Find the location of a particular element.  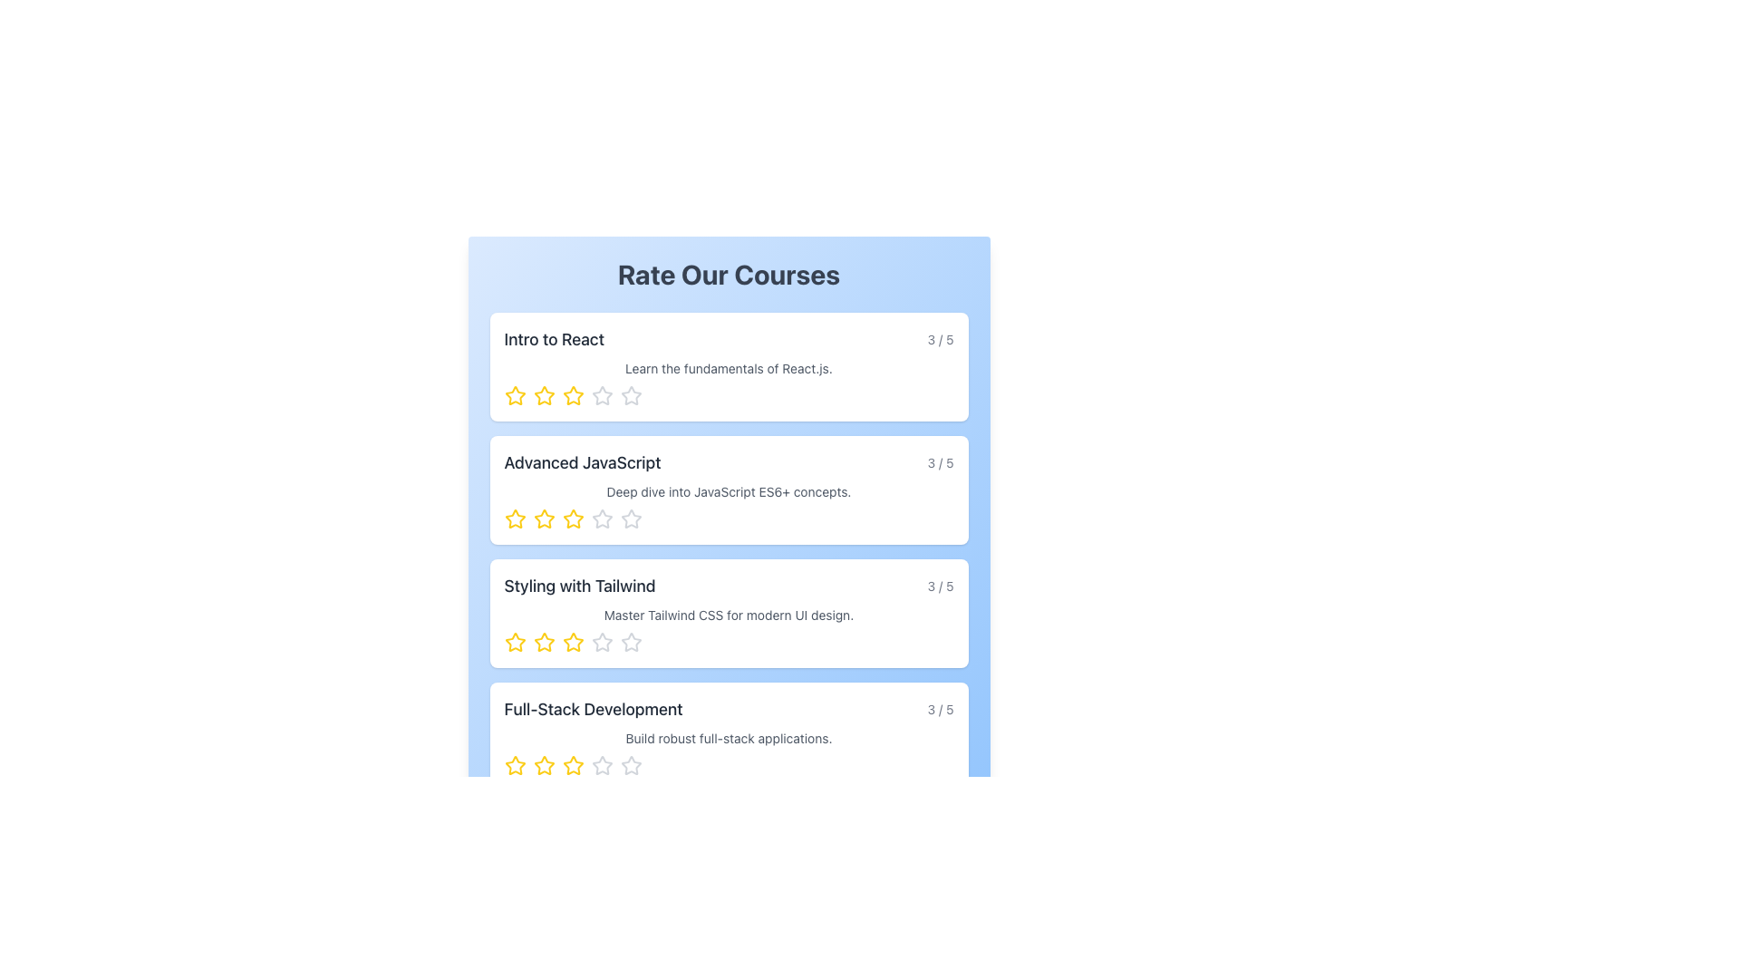

the first yellow star-shaped rating icon in the rating section for the 'Intro to React' course is located at coordinates (543, 394).